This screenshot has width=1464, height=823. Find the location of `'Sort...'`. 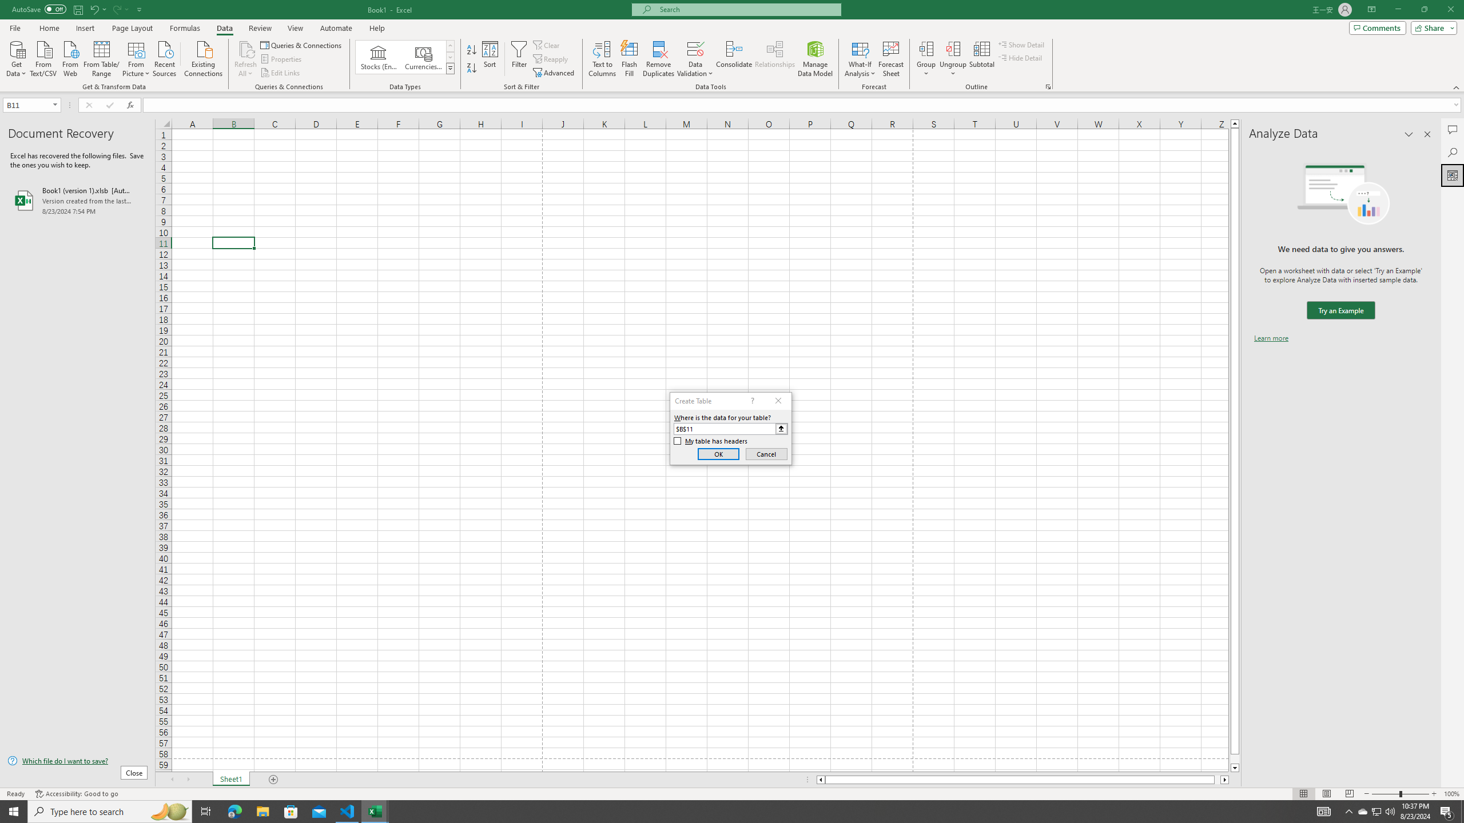

'Sort...' is located at coordinates (490, 59).